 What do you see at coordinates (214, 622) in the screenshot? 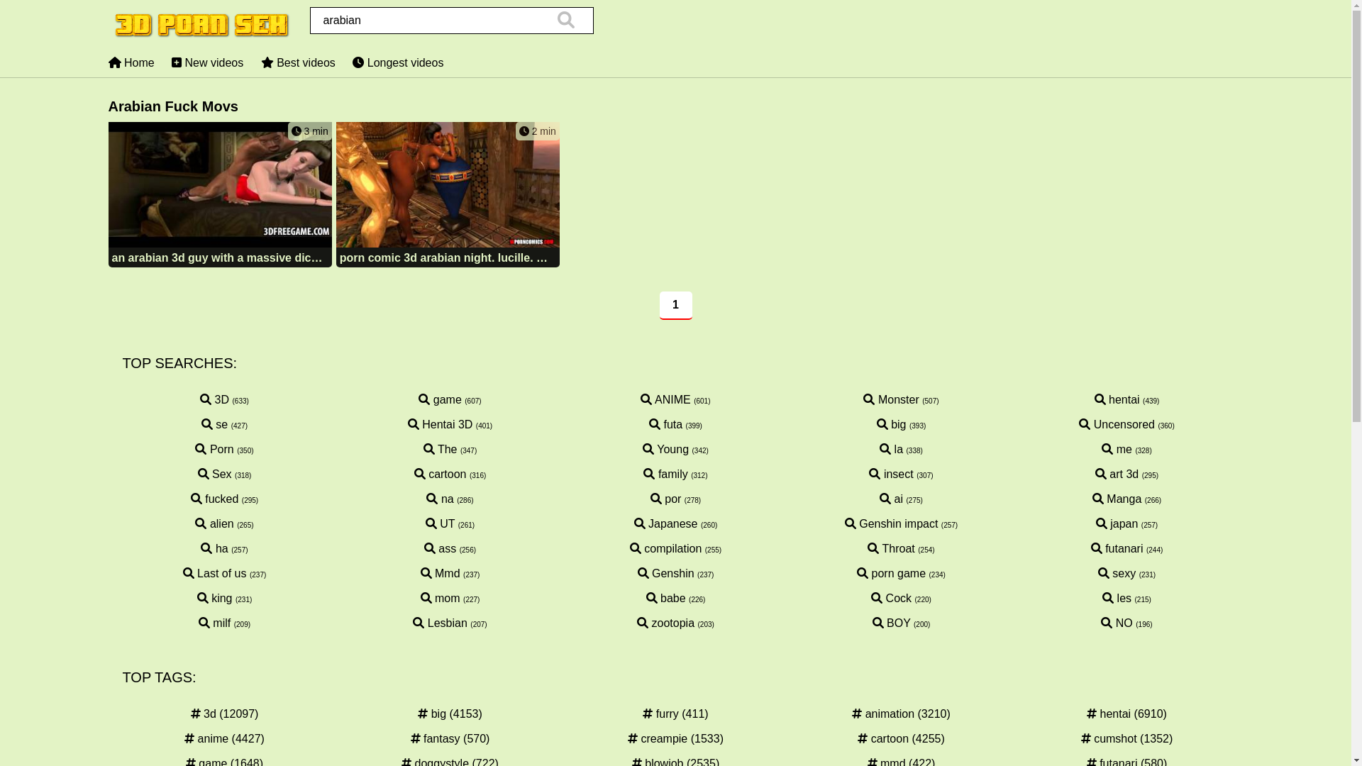
I see `'milf'` at bounding box center [214, 622].